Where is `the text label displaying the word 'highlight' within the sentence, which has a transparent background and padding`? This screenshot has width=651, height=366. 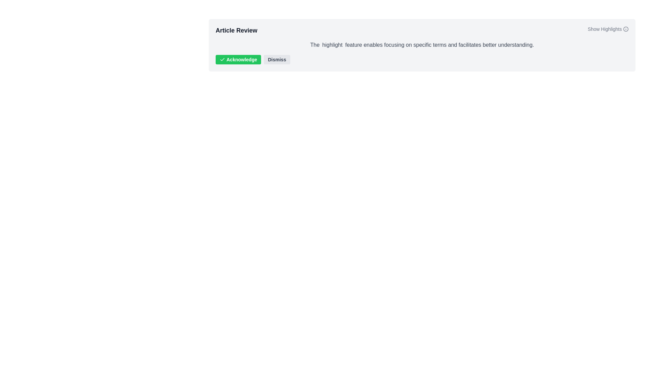 the text label displaying the word 'highlight' within the sentence, which has a transparent background and padding is located at coordinates (332, 45).